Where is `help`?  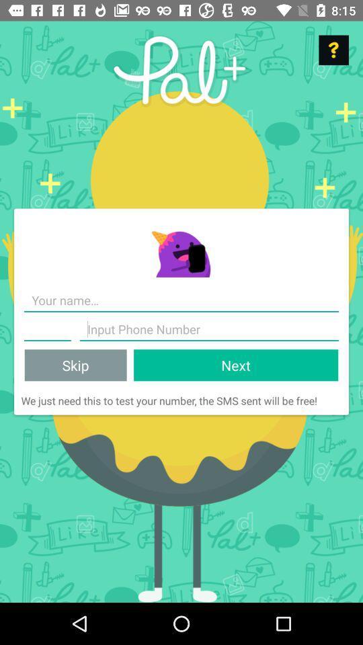
help is located at coordinates (333, 50).